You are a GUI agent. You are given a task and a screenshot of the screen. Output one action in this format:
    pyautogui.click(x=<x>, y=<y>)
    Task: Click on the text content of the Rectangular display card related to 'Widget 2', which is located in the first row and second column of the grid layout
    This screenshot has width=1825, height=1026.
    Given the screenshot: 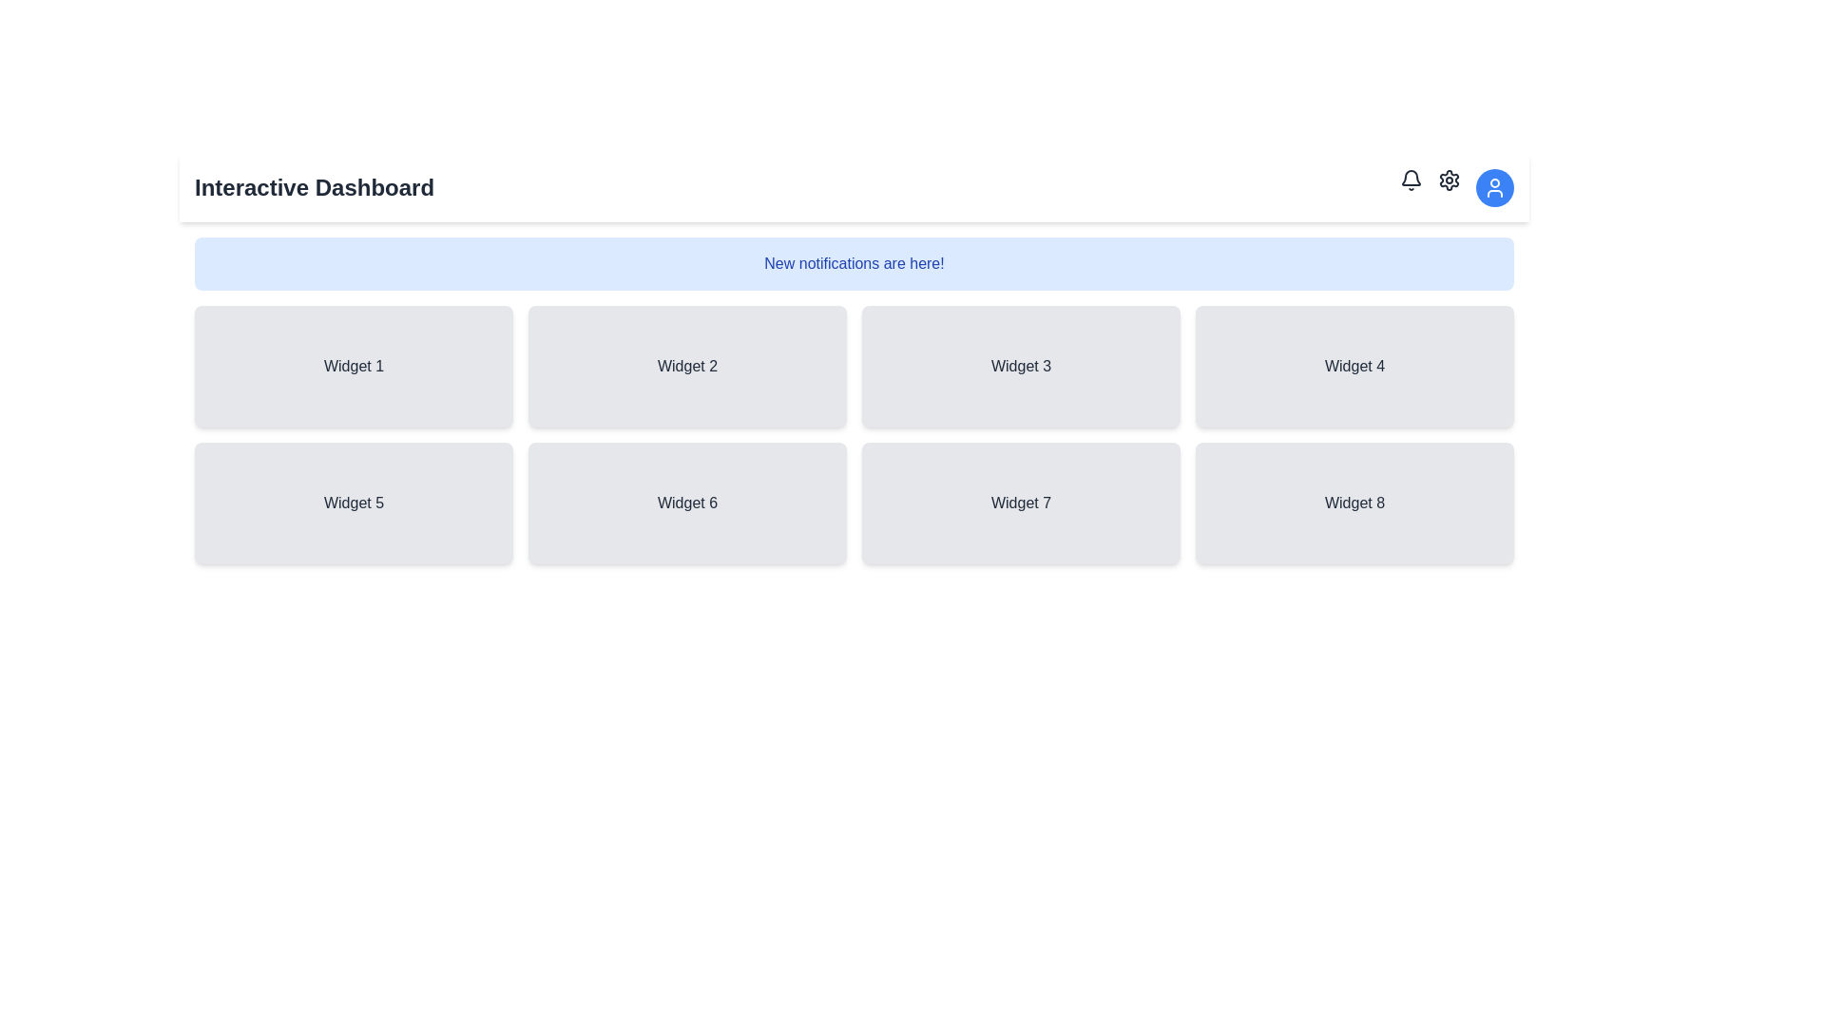 What is the action you would take?
    pyautogui.click(x=686, y=366)
    